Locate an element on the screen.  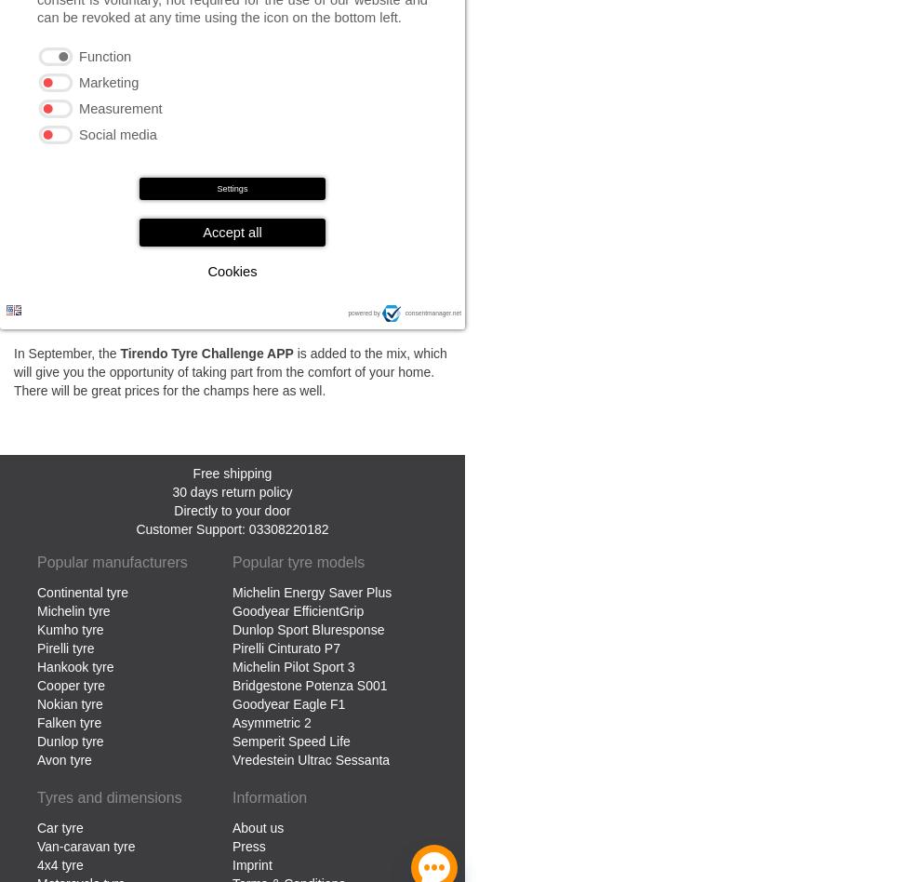
'is added to the mix, which will give you the opportunity of taking part from the comfort of your home. There will be great prices for the champs here as well.' is located at coordinates (13, 370).